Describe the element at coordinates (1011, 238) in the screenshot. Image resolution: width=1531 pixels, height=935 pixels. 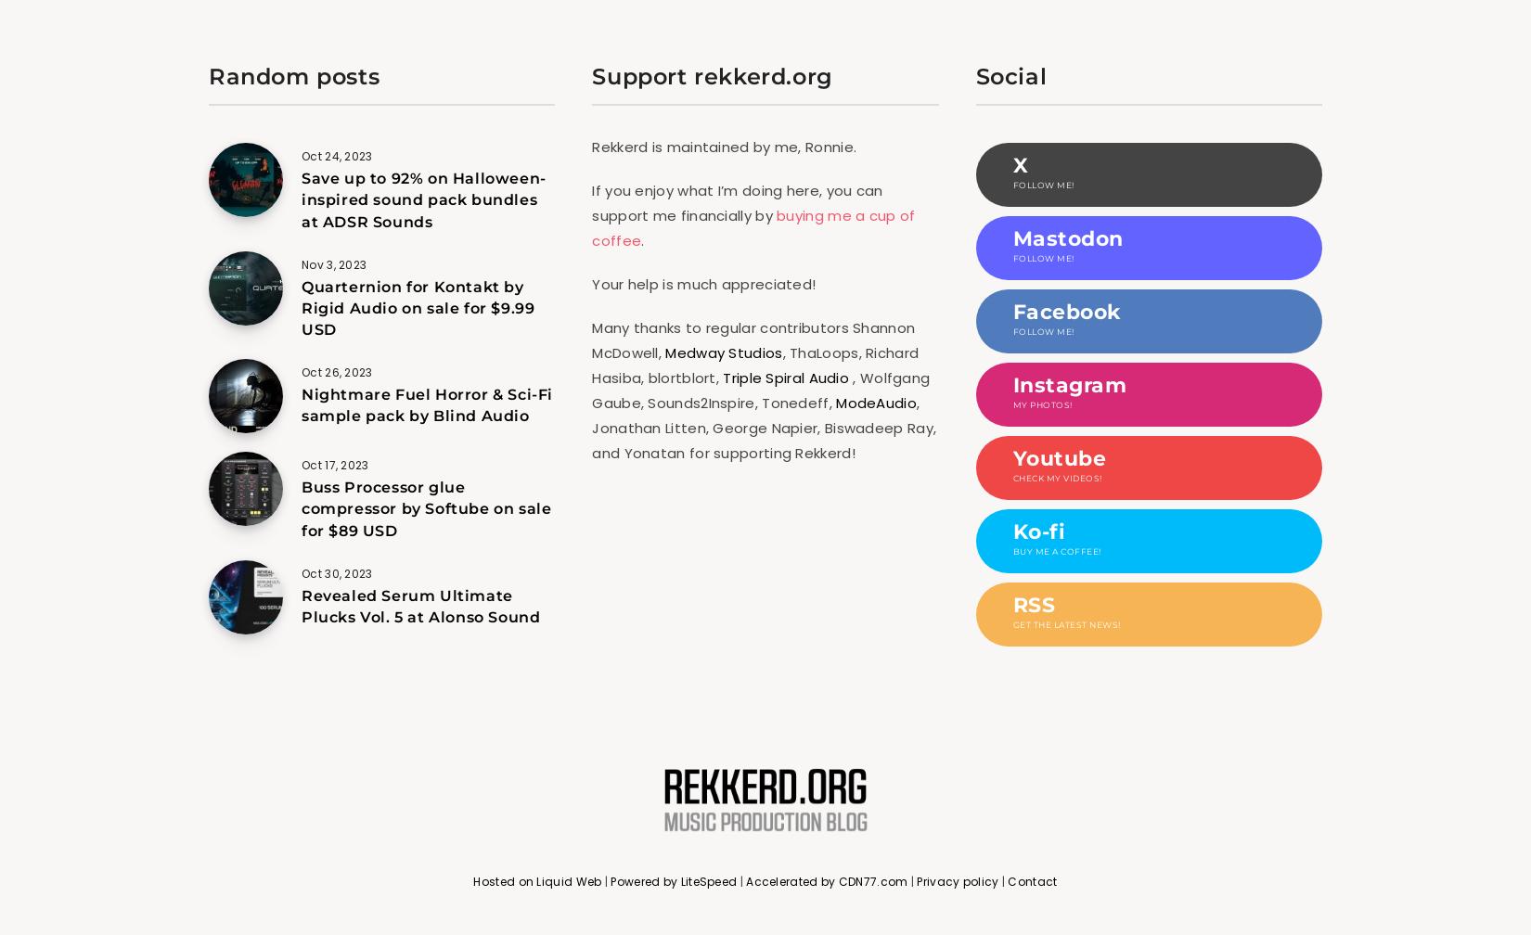
I see `'Mastodon'` at that location.